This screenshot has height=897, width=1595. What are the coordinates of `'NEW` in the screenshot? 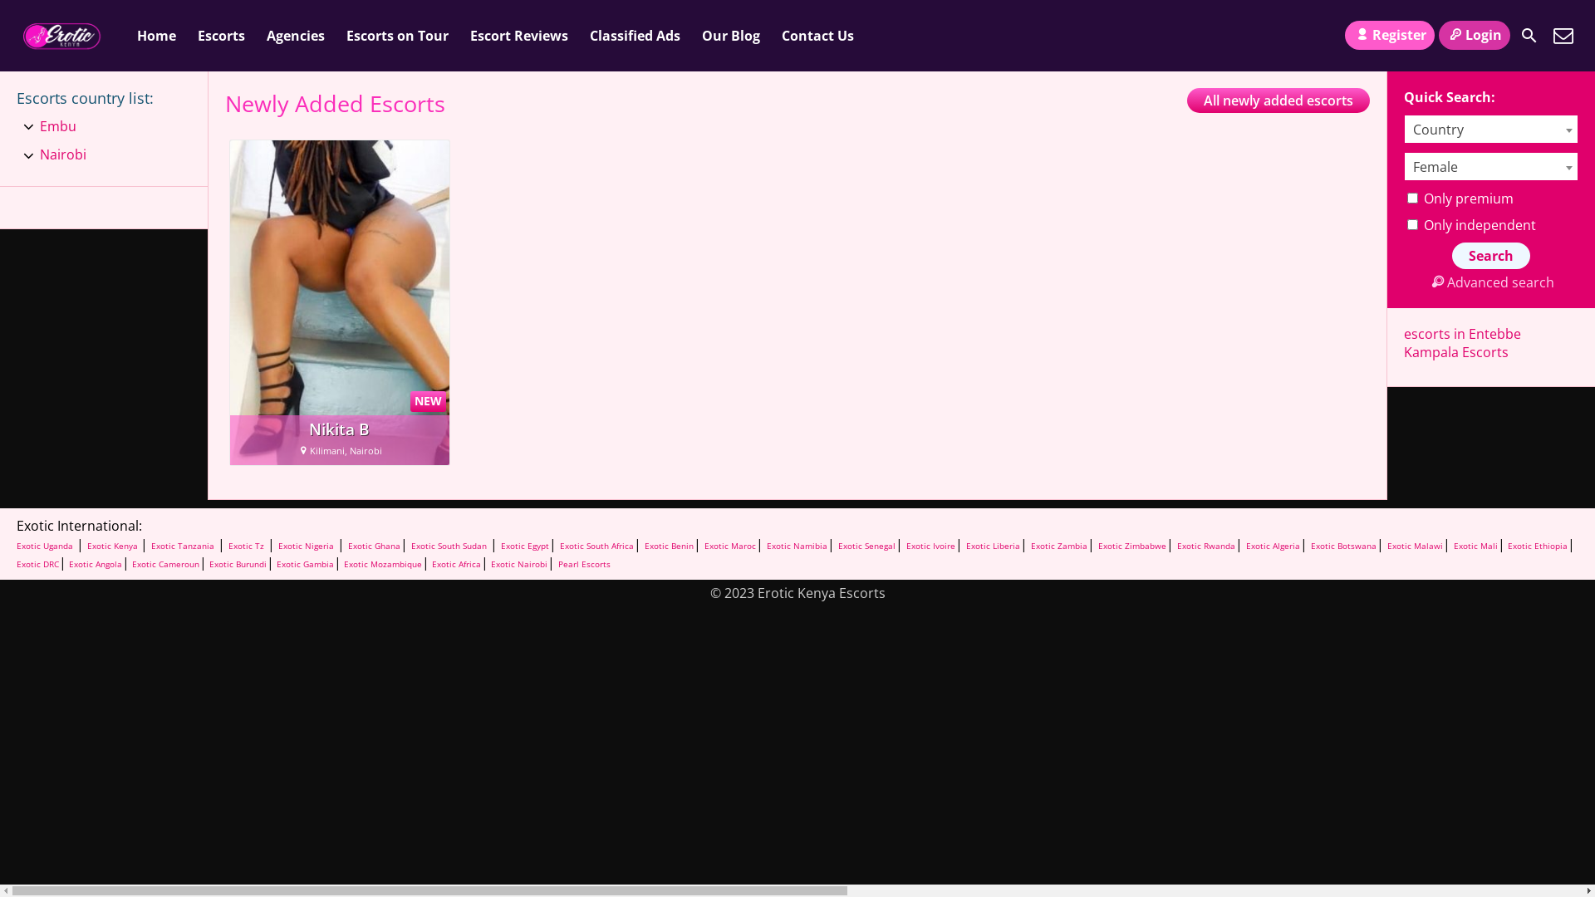 It's located at (338, 302).